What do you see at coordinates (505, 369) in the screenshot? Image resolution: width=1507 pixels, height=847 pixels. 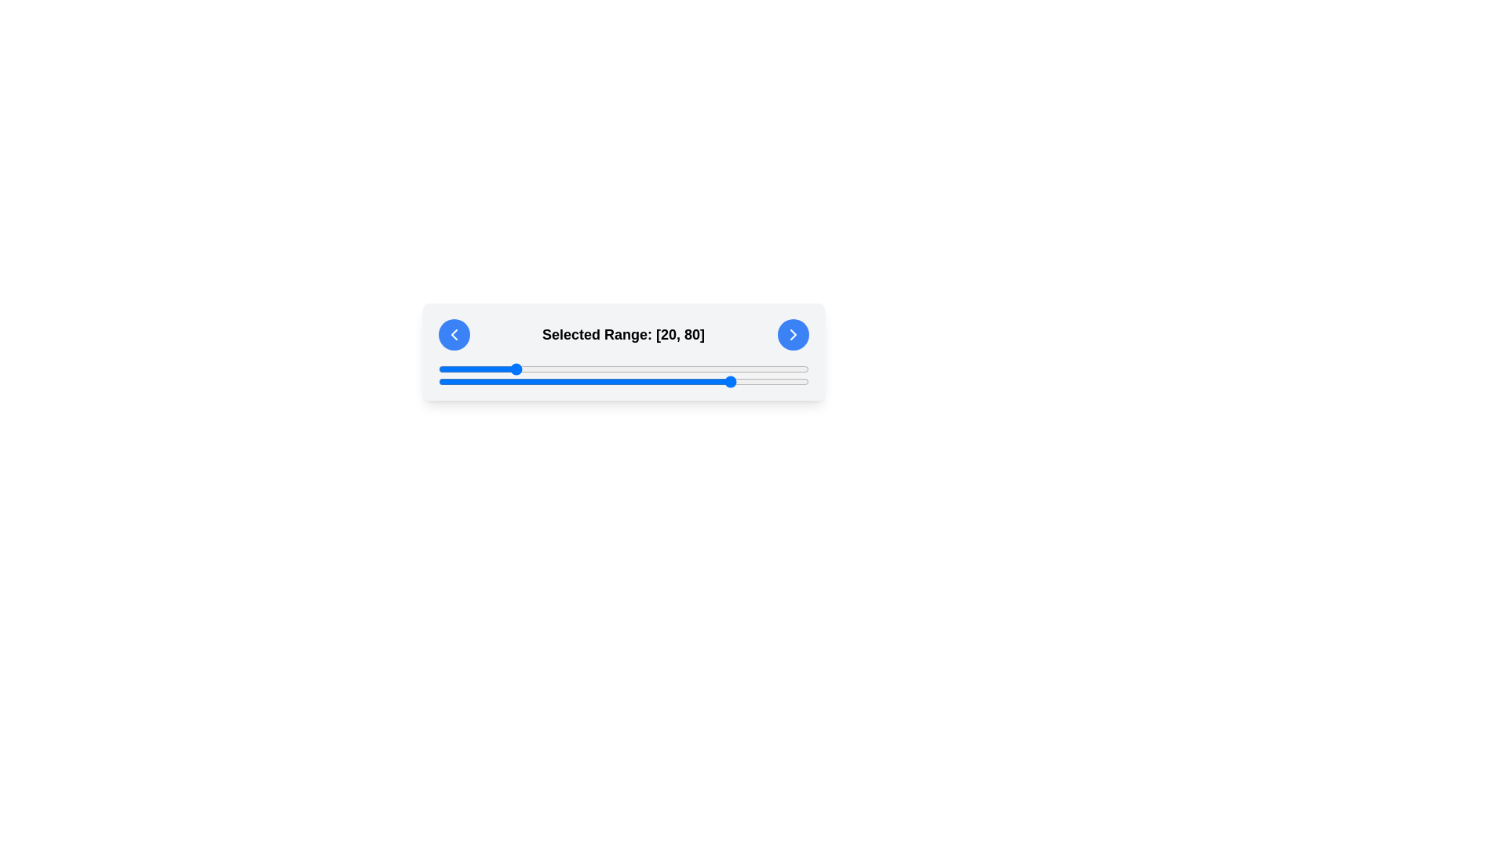 I see `slider value` at bounding box center [505, 369].